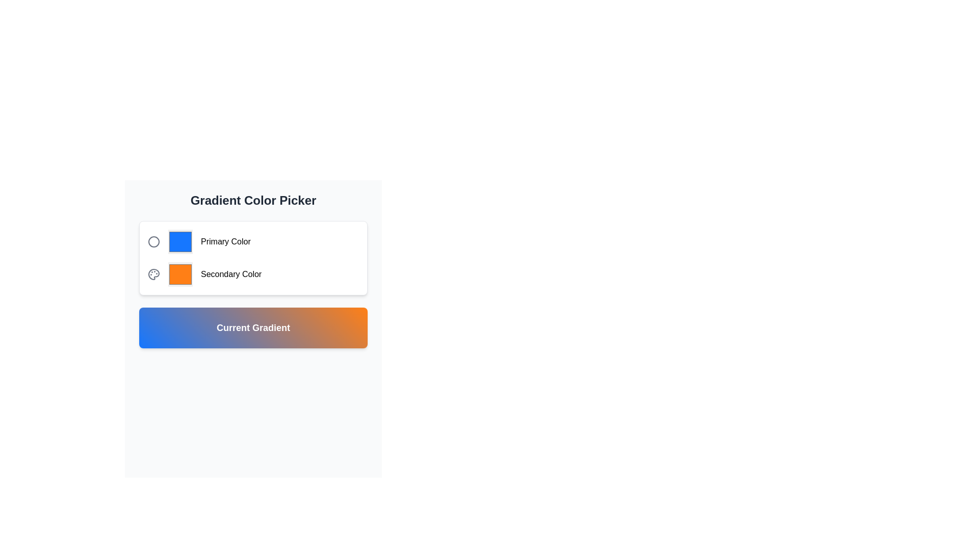 The width and height of the screenshot is (979, 550). What do you see at coordinates (230, 274) in the screenshot?
I see `the text element displaying 'Secondary Color' located in the 'Gradient Color Picker' box, positioned below 'Primary Color' and to the right of the orange color picker` at bounding box center [230, 274].